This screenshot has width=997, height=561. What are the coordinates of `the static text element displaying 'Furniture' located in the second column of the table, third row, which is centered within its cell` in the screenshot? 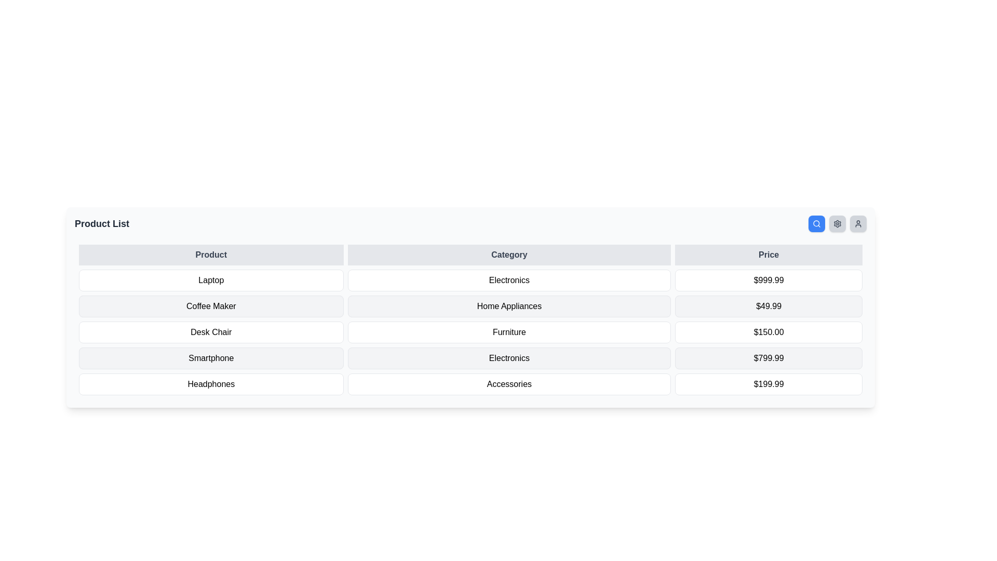 It's located at (509, 332).